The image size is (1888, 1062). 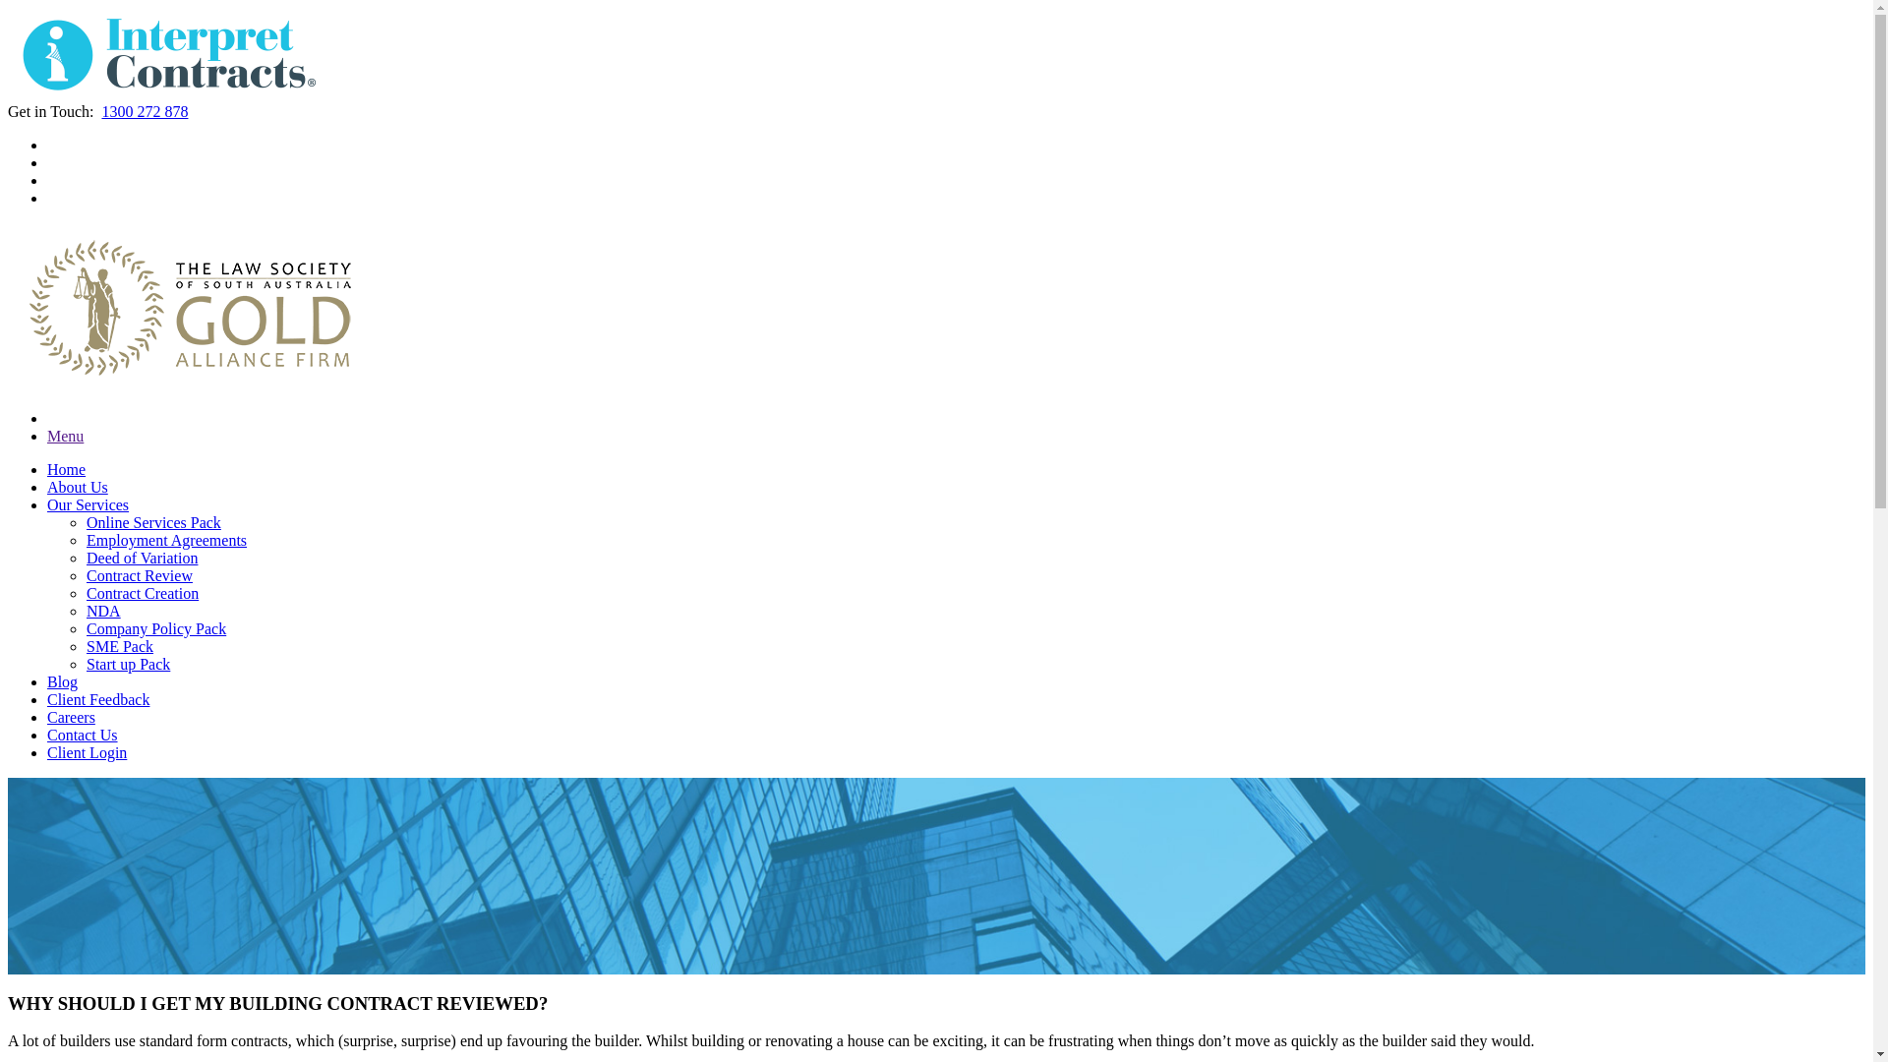 What do you see at coordinates (65, 435) in the screenshot?
I see `'Menu'` at bounding box center [65, 435].